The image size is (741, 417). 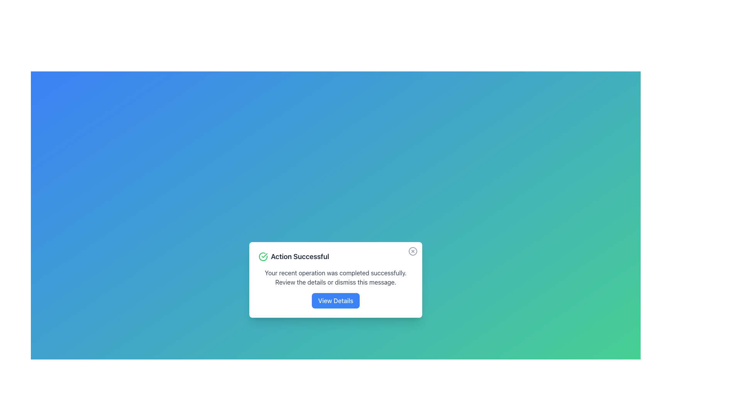 What do you see at coordinates (264, 256) in the screenshot?
I see `the green checkmark icon within the central notification card, which is aligned near the left of the title text 'Action Successful'` at bounding box center [264, 256].